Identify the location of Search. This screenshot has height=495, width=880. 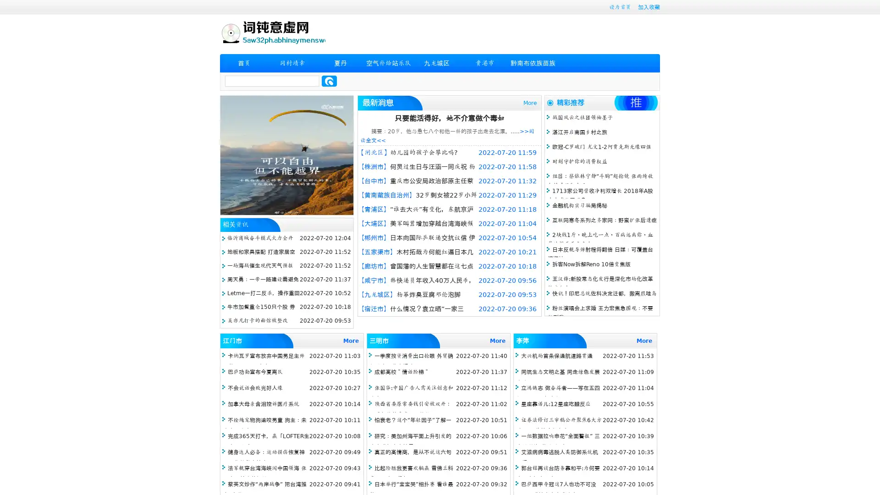
(329, 81).